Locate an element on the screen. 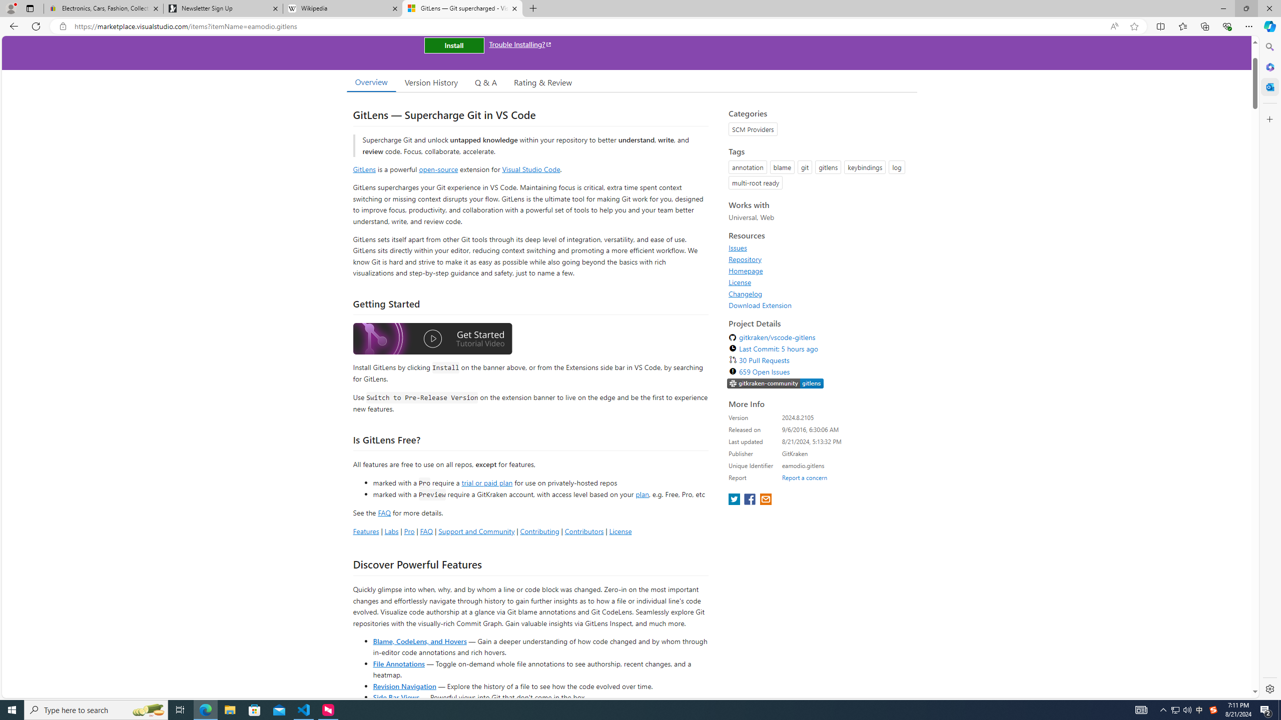 The image size is (1281, 720). 'Repository' is located at coordinates (820, 258).